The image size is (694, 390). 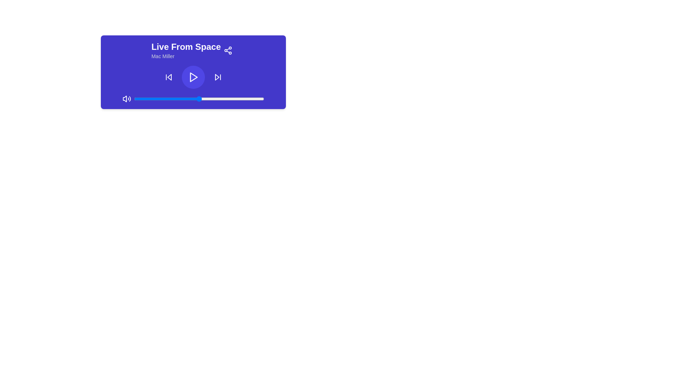 I want to click on the backward-skip icon located in the upper-right part of the media control bar, so click(x=169, y=77).